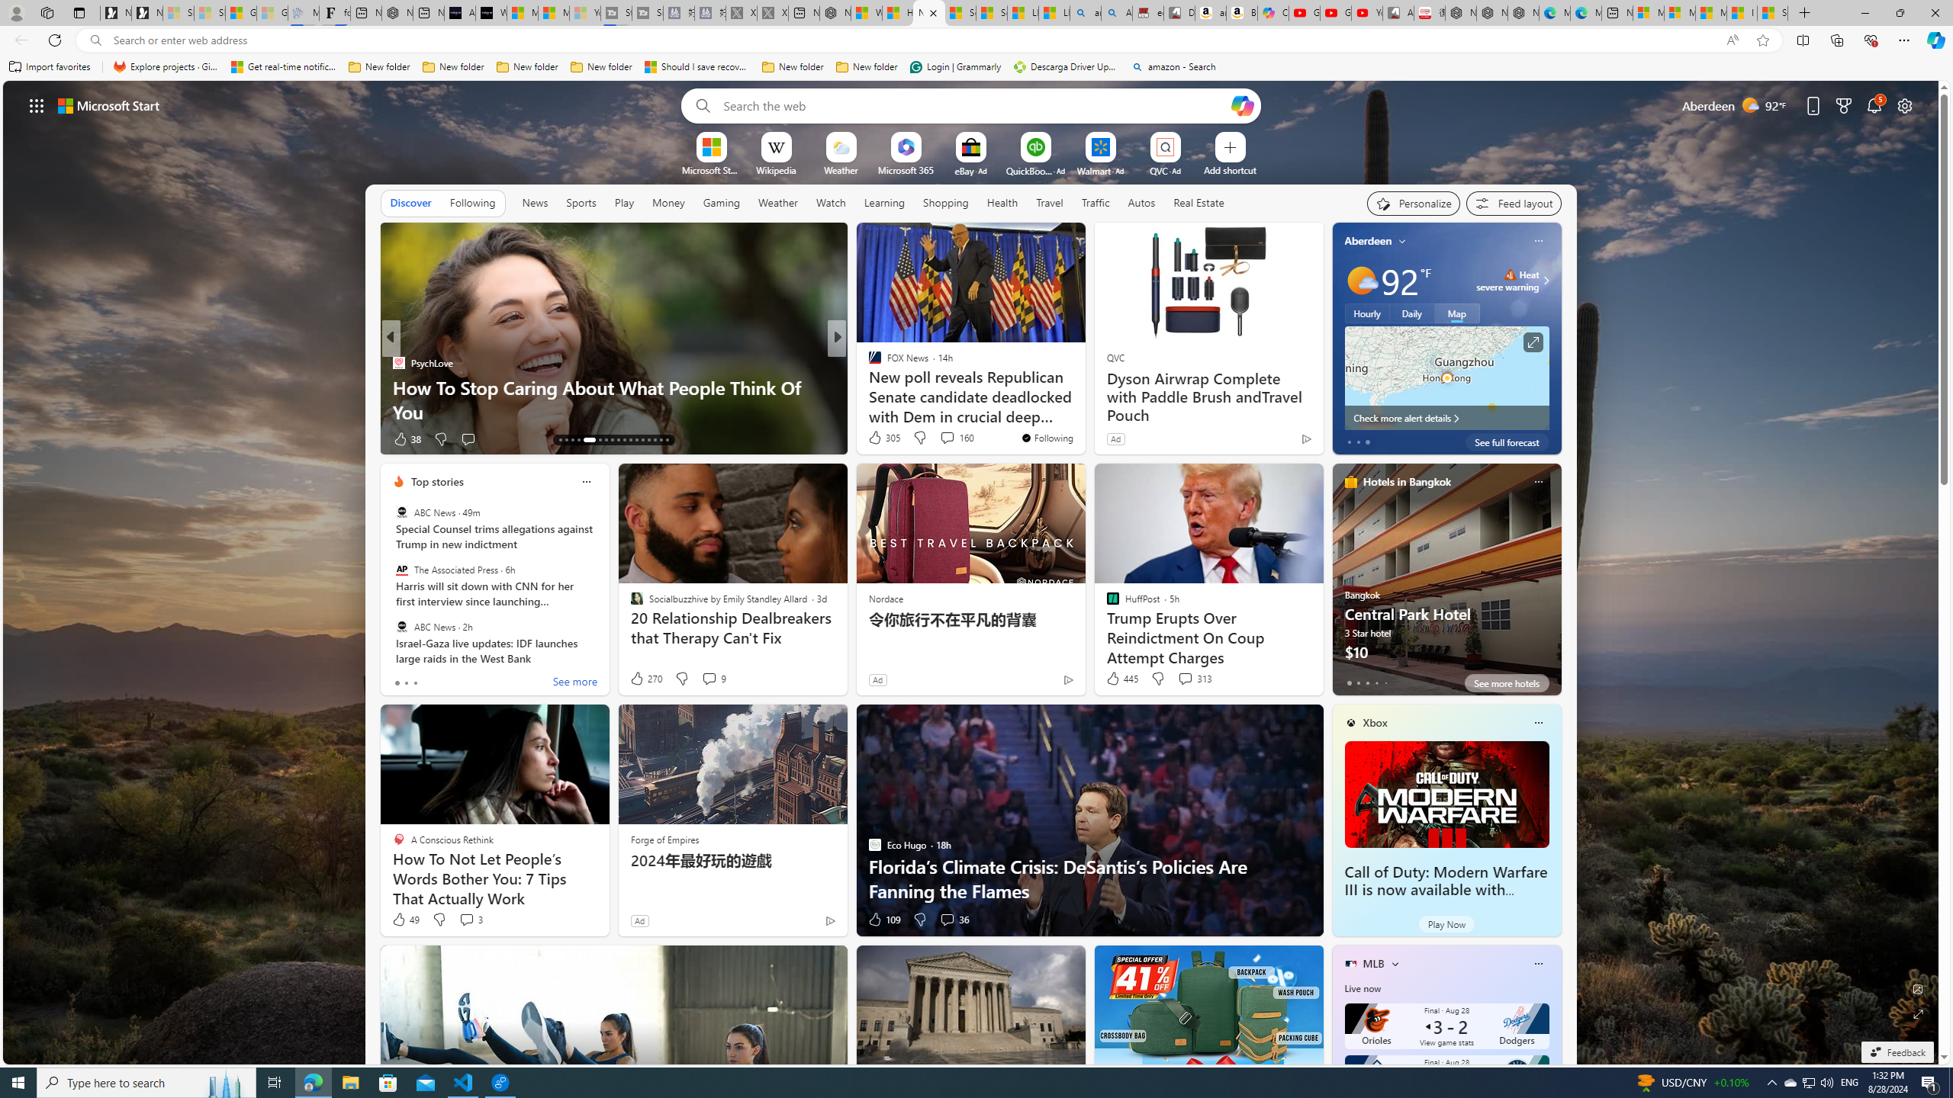 This screenshot has width=1953, height=1098. What do you see at coordinates (1120, 677) in the screenshot?
I see `'445 Like'` at bounding box center [1120, 677].